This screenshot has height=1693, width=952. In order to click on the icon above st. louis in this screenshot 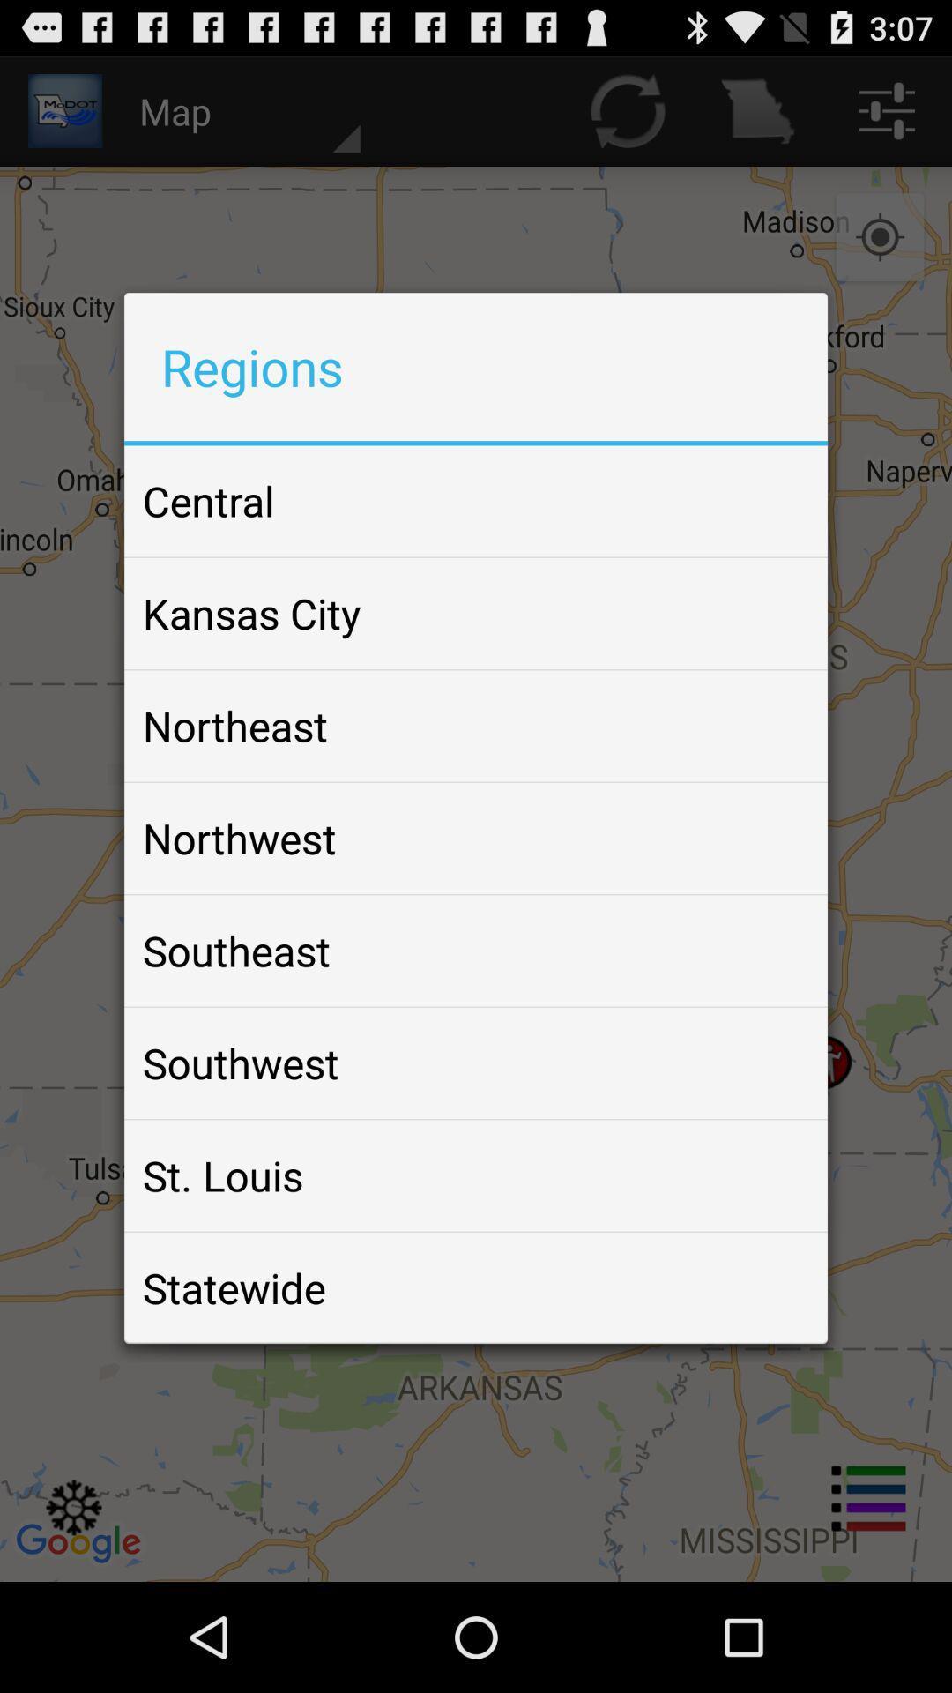, I will do `click(241, 1062)`.